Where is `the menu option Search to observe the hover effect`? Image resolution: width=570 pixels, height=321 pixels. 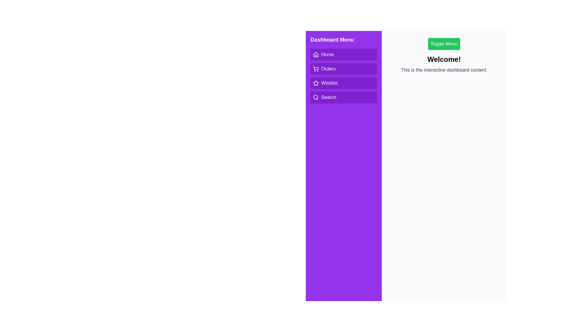
the menu option Search to observe the hover effect is located at coordinates (343, 97).